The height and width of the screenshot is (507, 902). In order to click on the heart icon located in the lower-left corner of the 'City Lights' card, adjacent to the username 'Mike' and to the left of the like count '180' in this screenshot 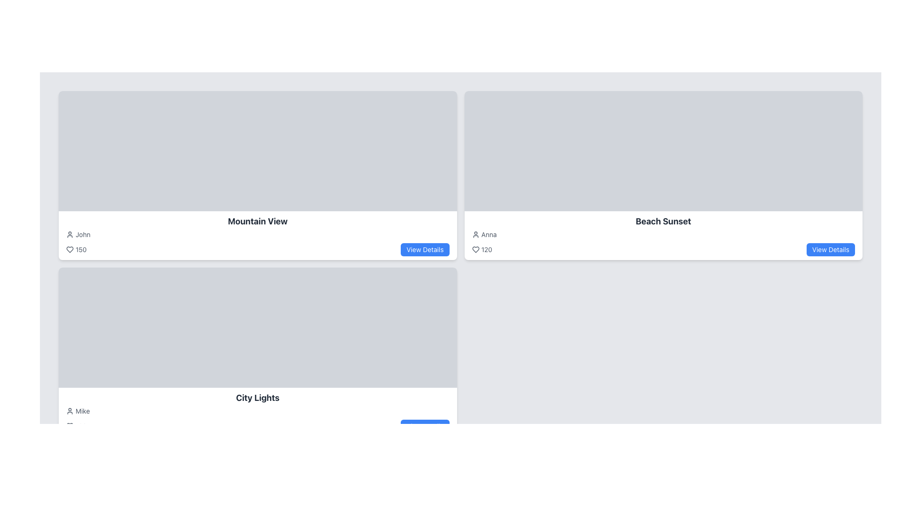, I will do `click(69, 426)`.